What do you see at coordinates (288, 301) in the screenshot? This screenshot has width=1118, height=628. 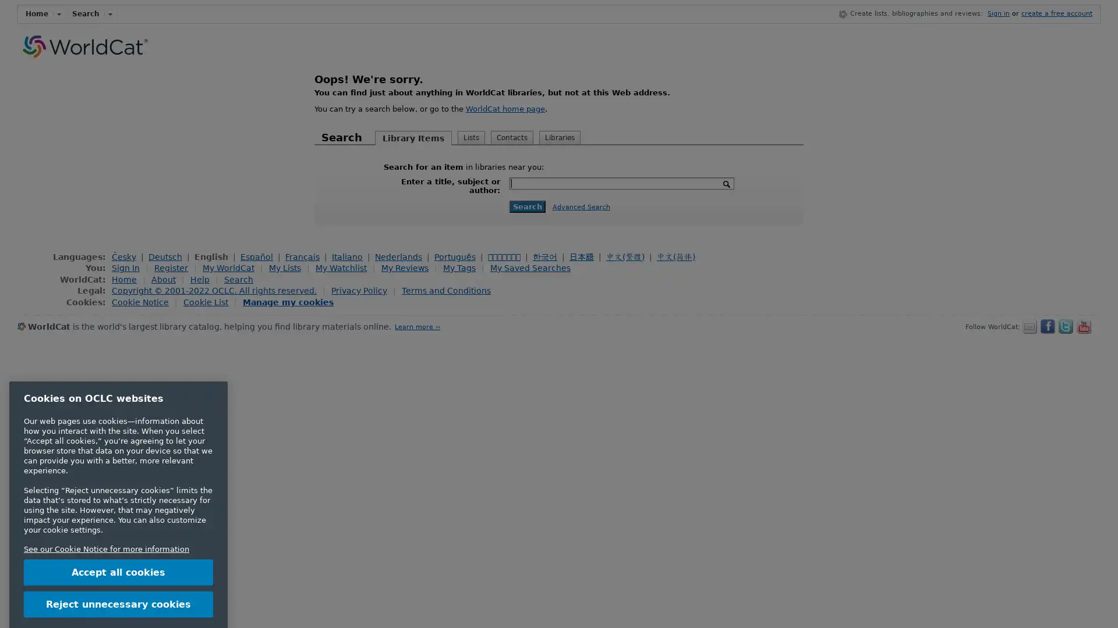 I see `Manage my cookies` at bounding box center [288, 301].